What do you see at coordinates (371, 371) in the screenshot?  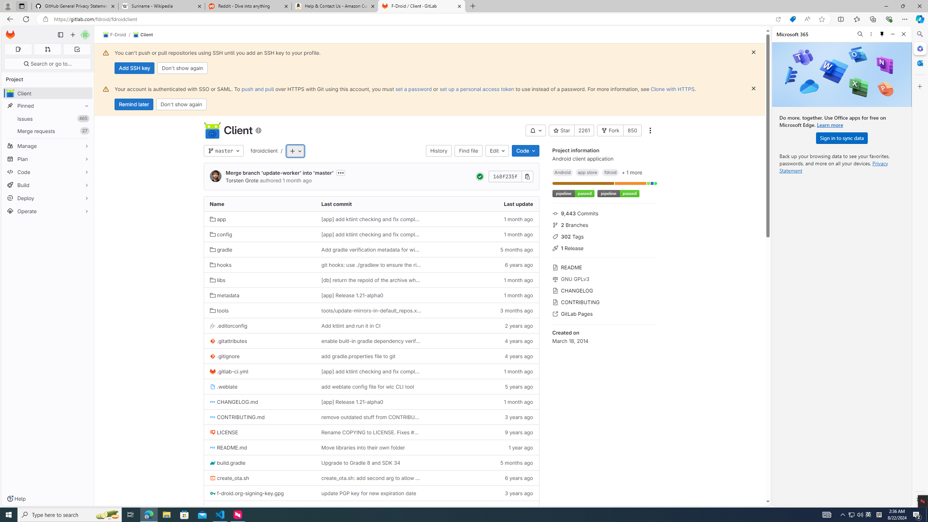 I see `'[app] add ktlint checking and fix complaints it has'` at bounding box center [371, 371].